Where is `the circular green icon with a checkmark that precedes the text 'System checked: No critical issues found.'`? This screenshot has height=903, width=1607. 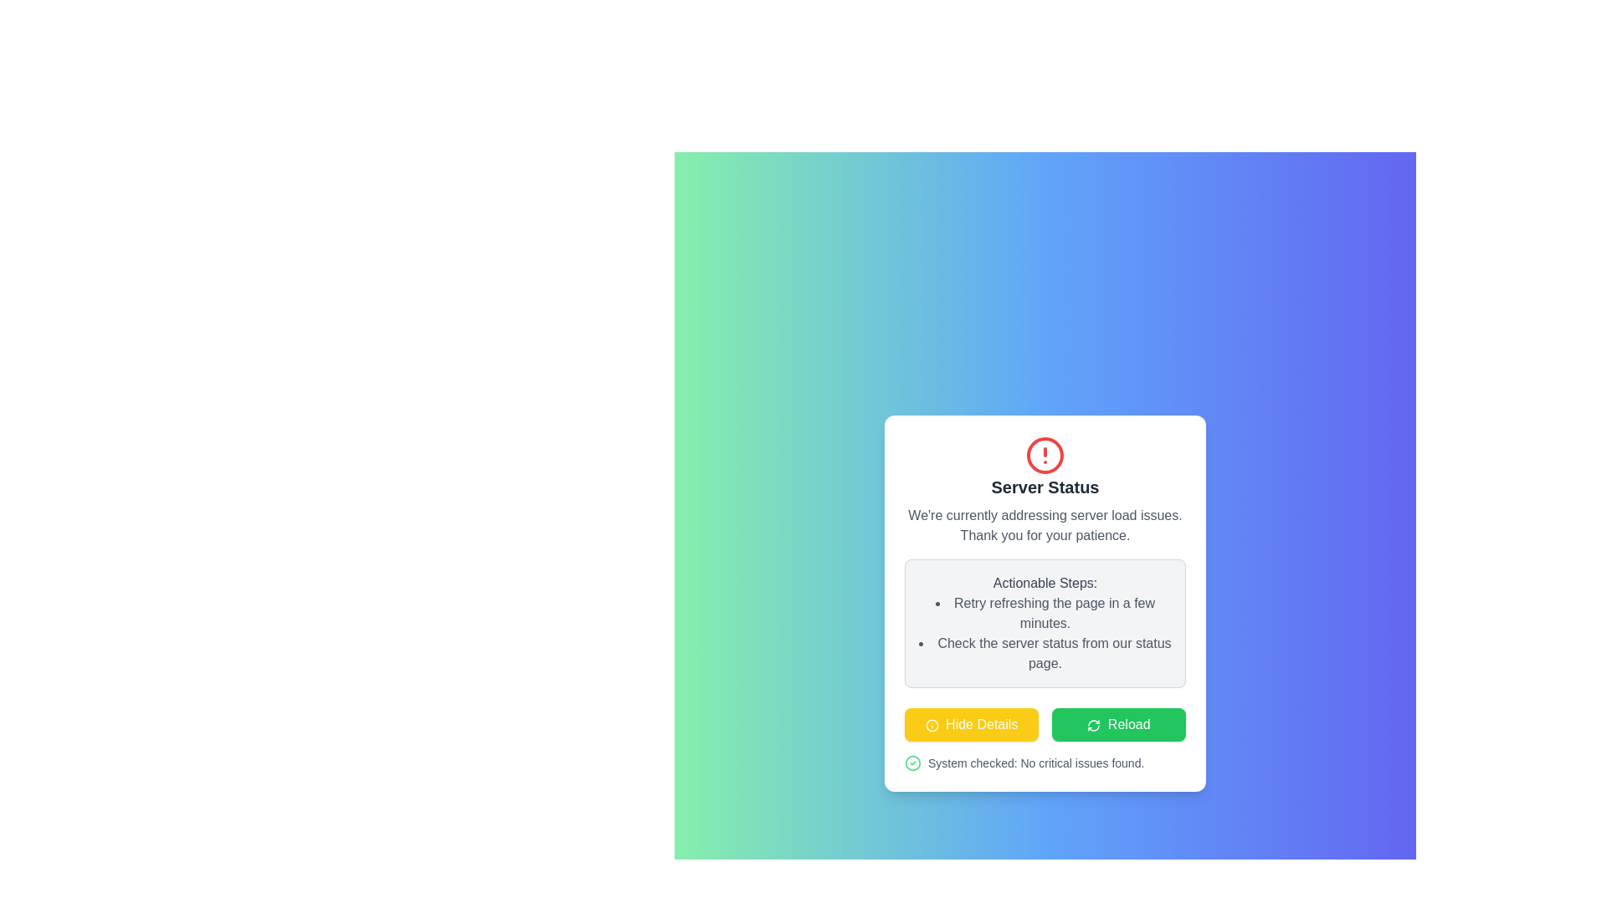 the circular green icon with a checkmark that precedes the text 'System checked: No critical issues found.' is located at coordinates (911, 763).